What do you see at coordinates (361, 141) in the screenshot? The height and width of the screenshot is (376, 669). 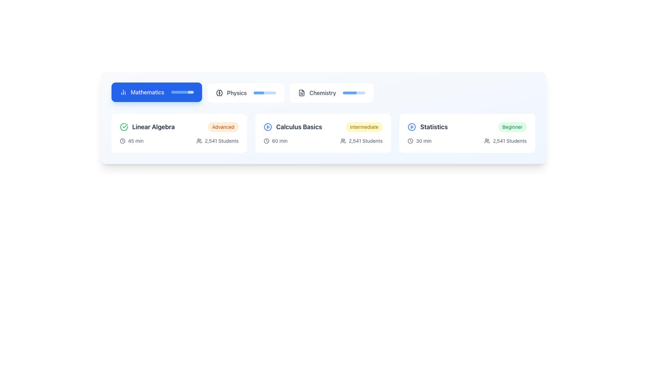 I see `the text and icon displaying '2,541 Students' in the 'Calculus Basics' course card, which is the last piece of information in the card` at bounding box center [361, 141].